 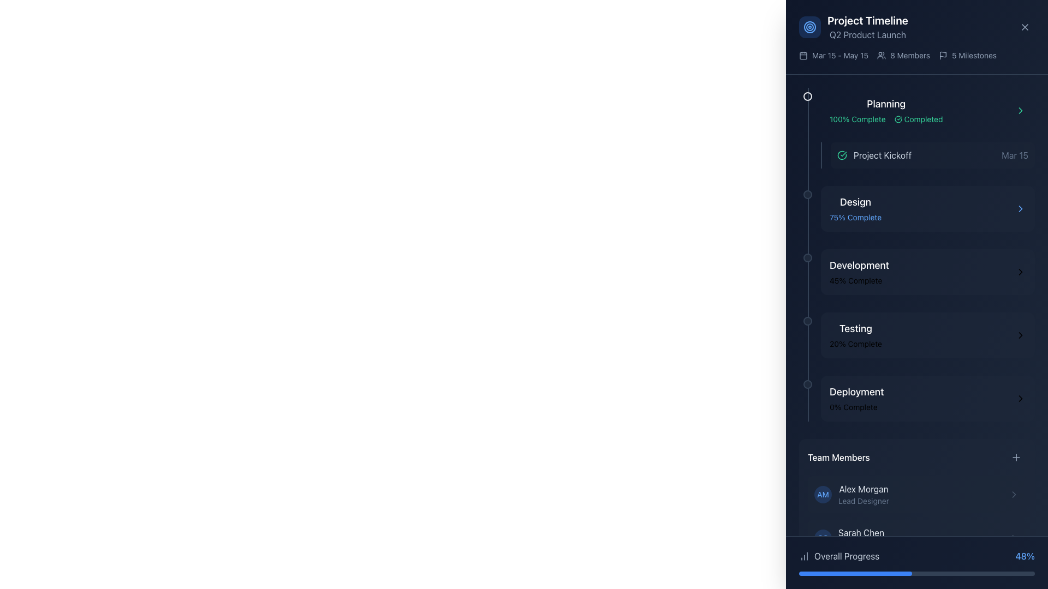 I want to click on the Chevron-right icon located on the far-right side of the card representing the 'Design' milestone in the project timeline, so click(x=1020, y=208).